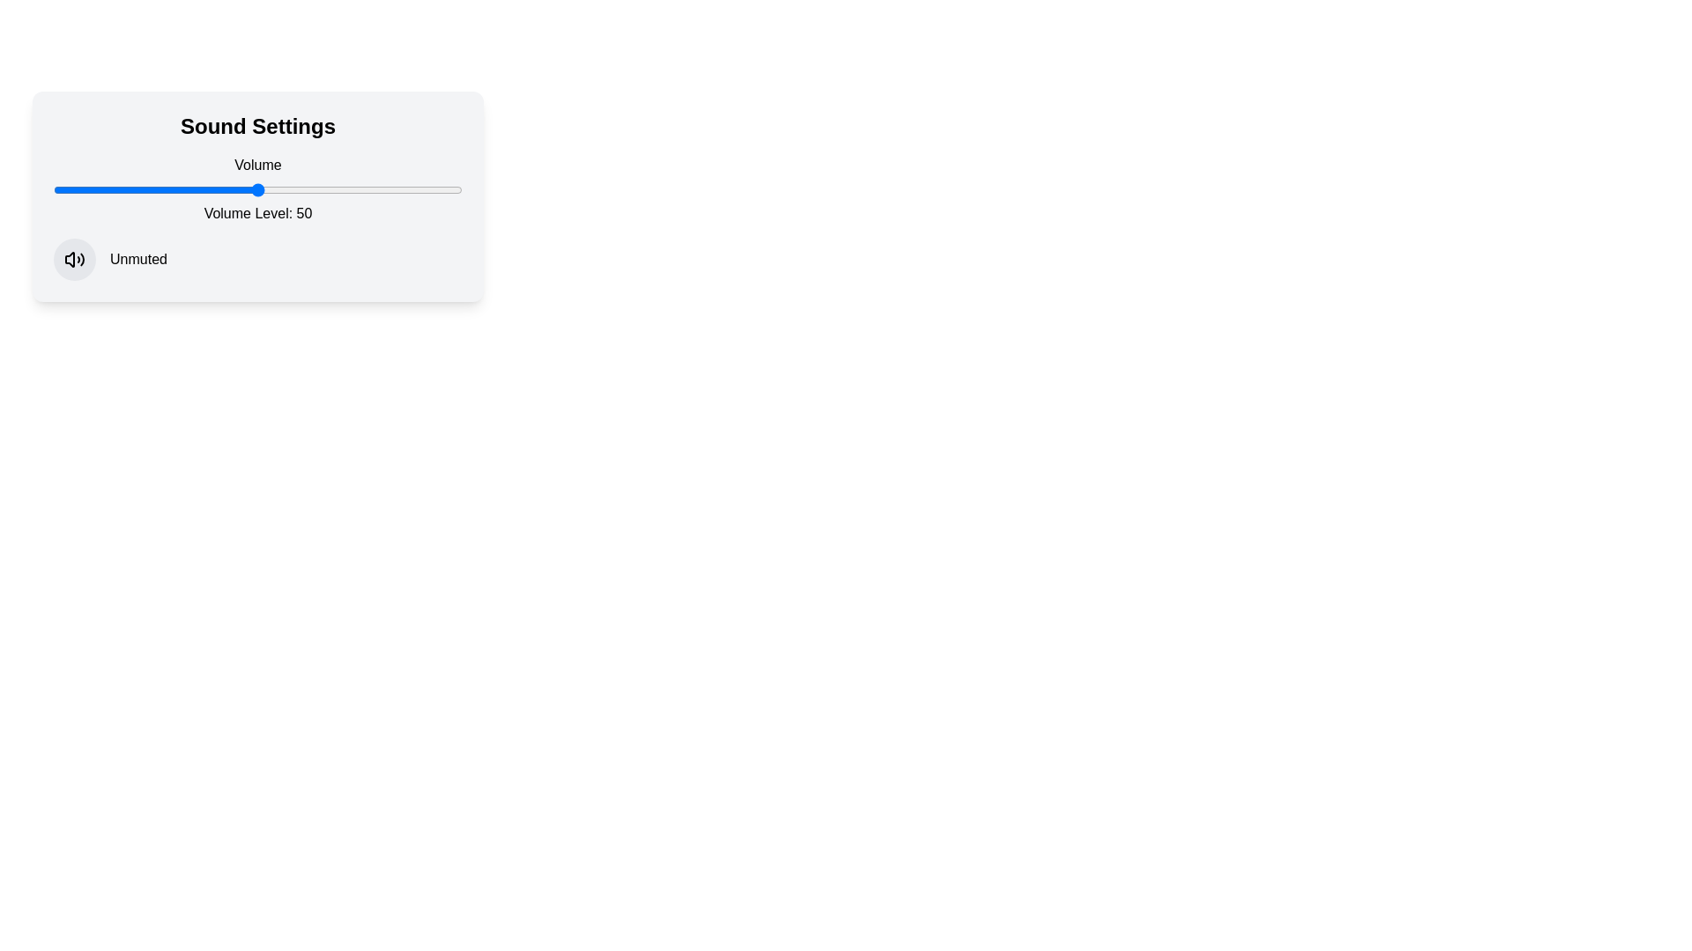 The width and height of the screenshot is (1692, 951). What do you see at coordinates (137, 259) in the screenshot?
I see `the Text Label indicating the current status of the sound settings, which shows that the audio is not muted, located to the right of the speaker icon in the 'Sound Settings' section` at bounding box center [137, 259].